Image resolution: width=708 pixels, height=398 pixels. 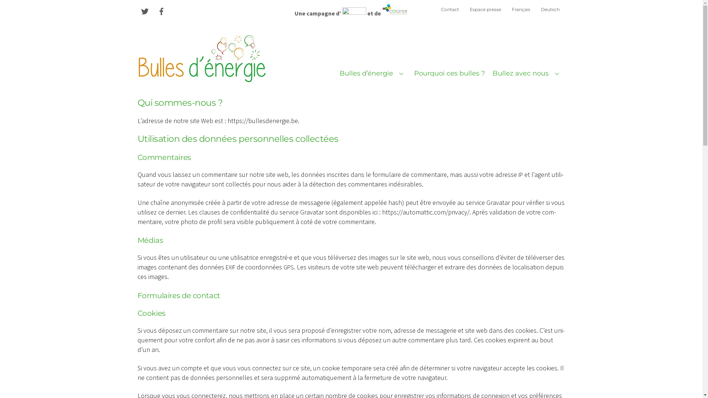 What do you see at coordinates (449, 73) in the screenshot?
I see `'Pourquoi ces bulles ?'` at bounding box center [449, 73].